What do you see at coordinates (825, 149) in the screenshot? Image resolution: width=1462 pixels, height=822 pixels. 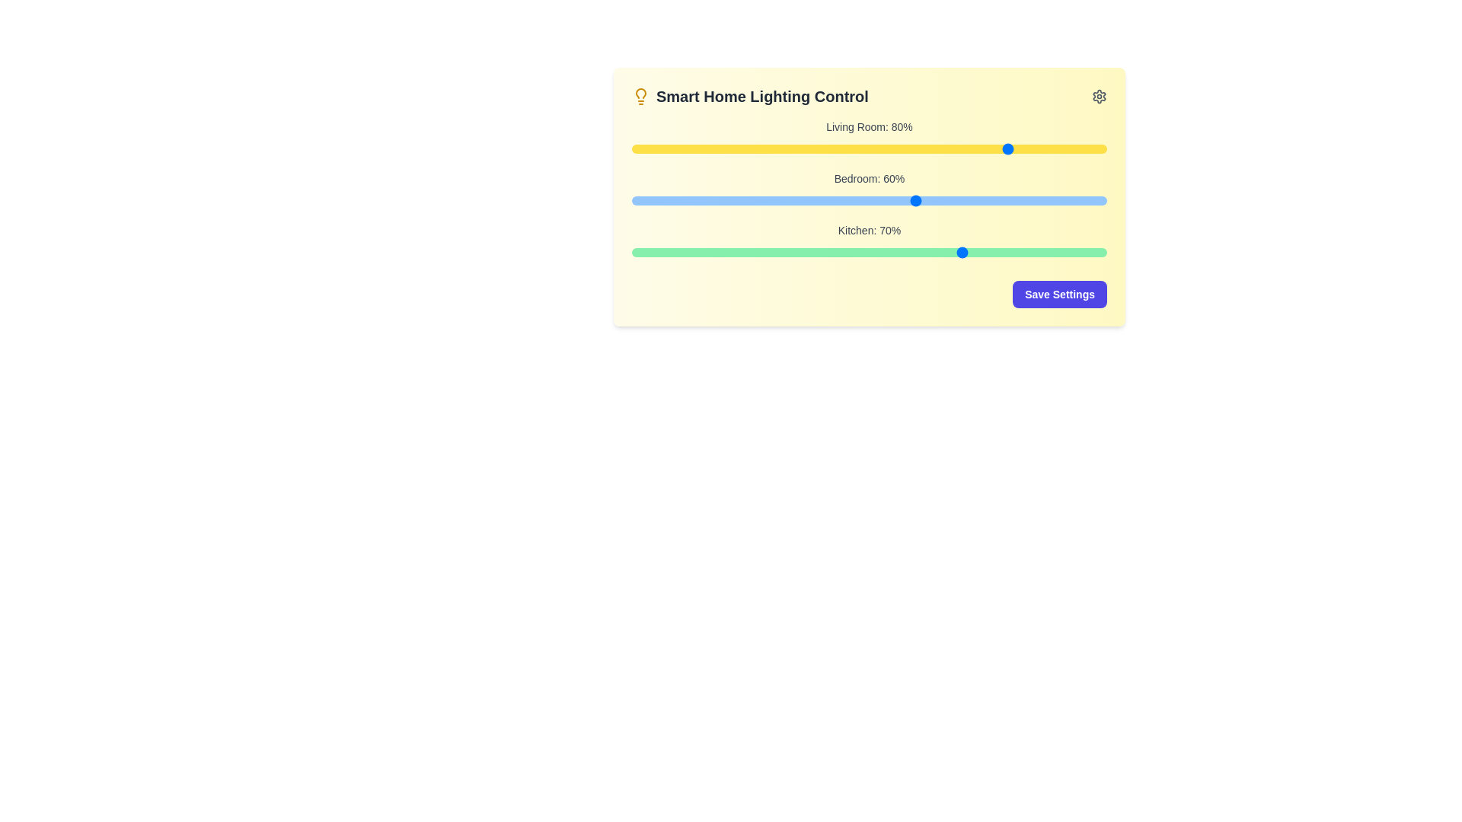 I see `the living room light intensity` at bounding box center [825, 149].